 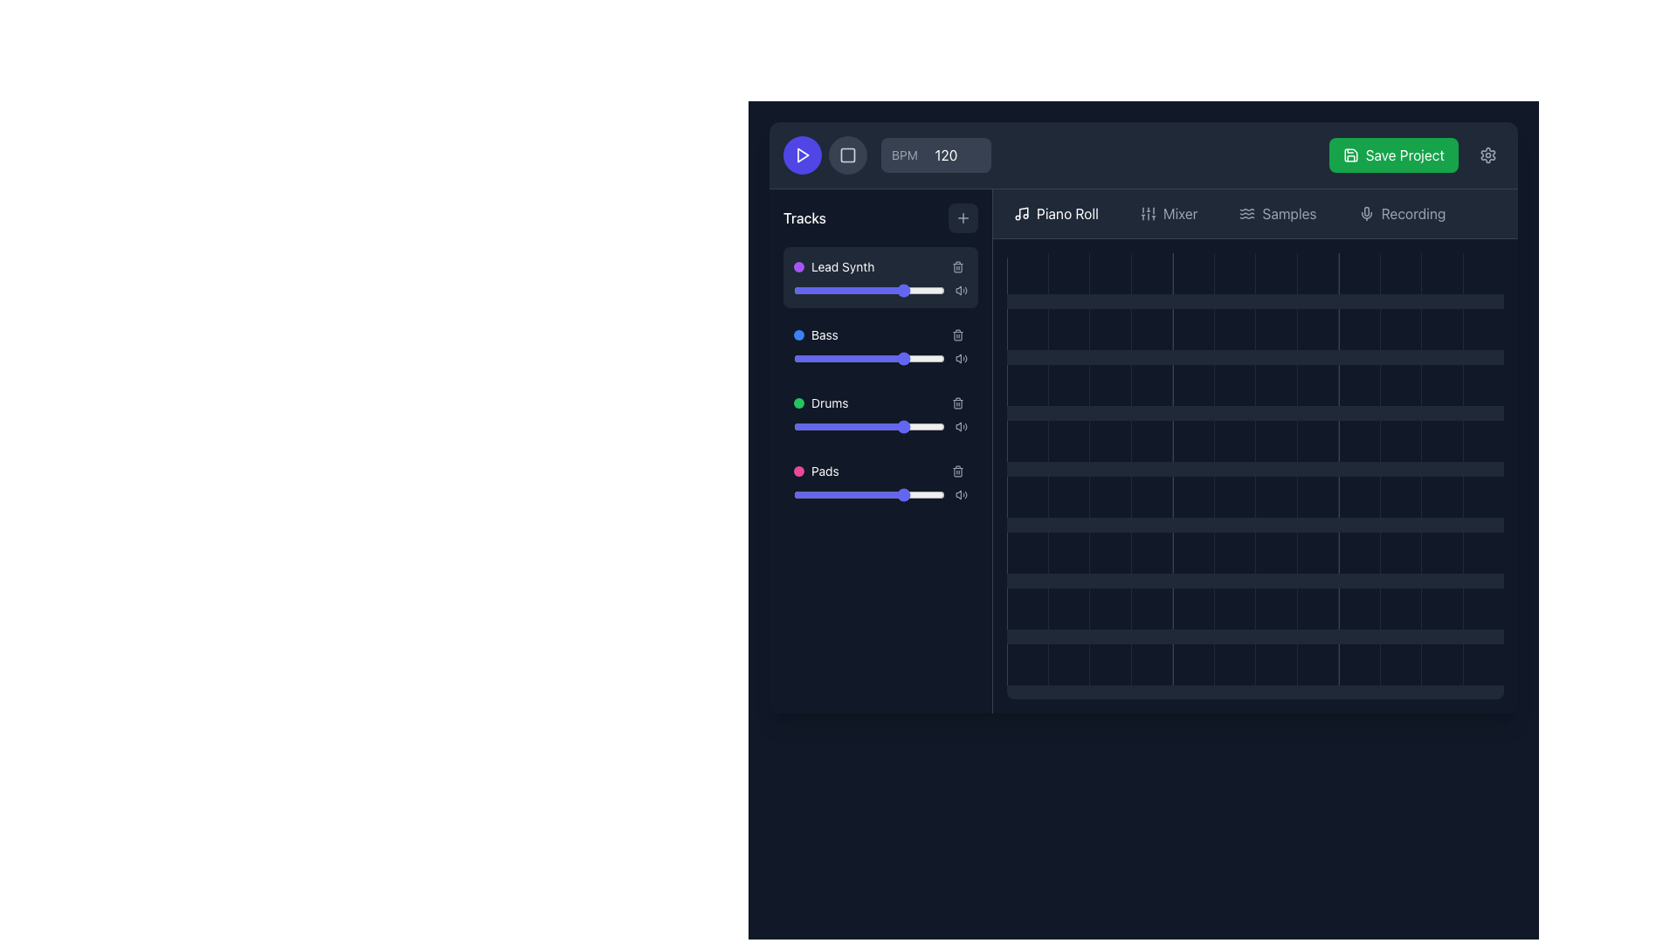 What do you see at coordinates (818, 427) in the screenshot?
I see `the slider value` at bounding box center [818, 427].